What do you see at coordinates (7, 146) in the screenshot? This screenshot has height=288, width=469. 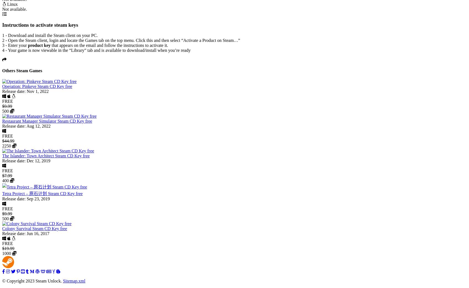 I see `'2250'` at bounding box center [7, 146].